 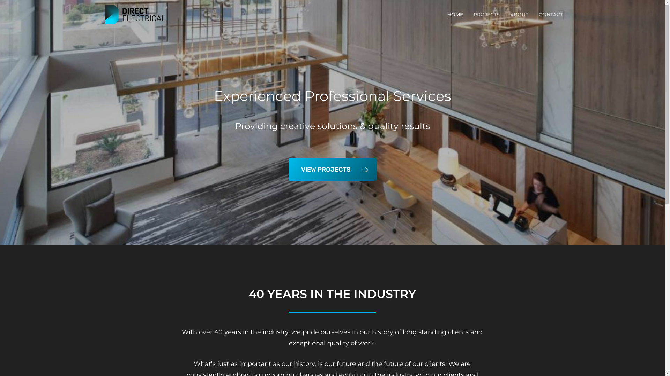 I want to click on 'HOME', so click(x=455, y=15).